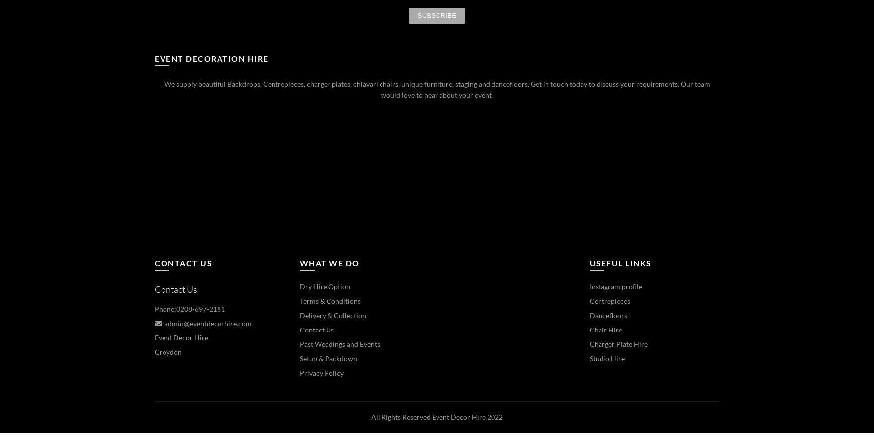 The width and height of the screenshot is (874, 443). What do you see at coordinates (608, 315) in the screenshot?
I see `'Dancefloors'` at bounding box center [608, 315].